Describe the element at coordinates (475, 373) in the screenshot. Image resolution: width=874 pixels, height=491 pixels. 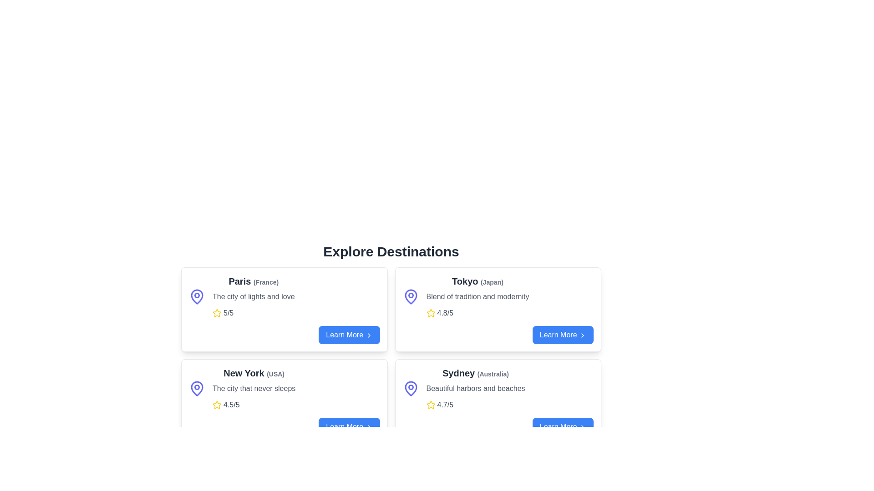
I see `the text label displaying the travel destination 'Sydney (Australia)' located in the second row and second column of the destination cards grid` at that location.